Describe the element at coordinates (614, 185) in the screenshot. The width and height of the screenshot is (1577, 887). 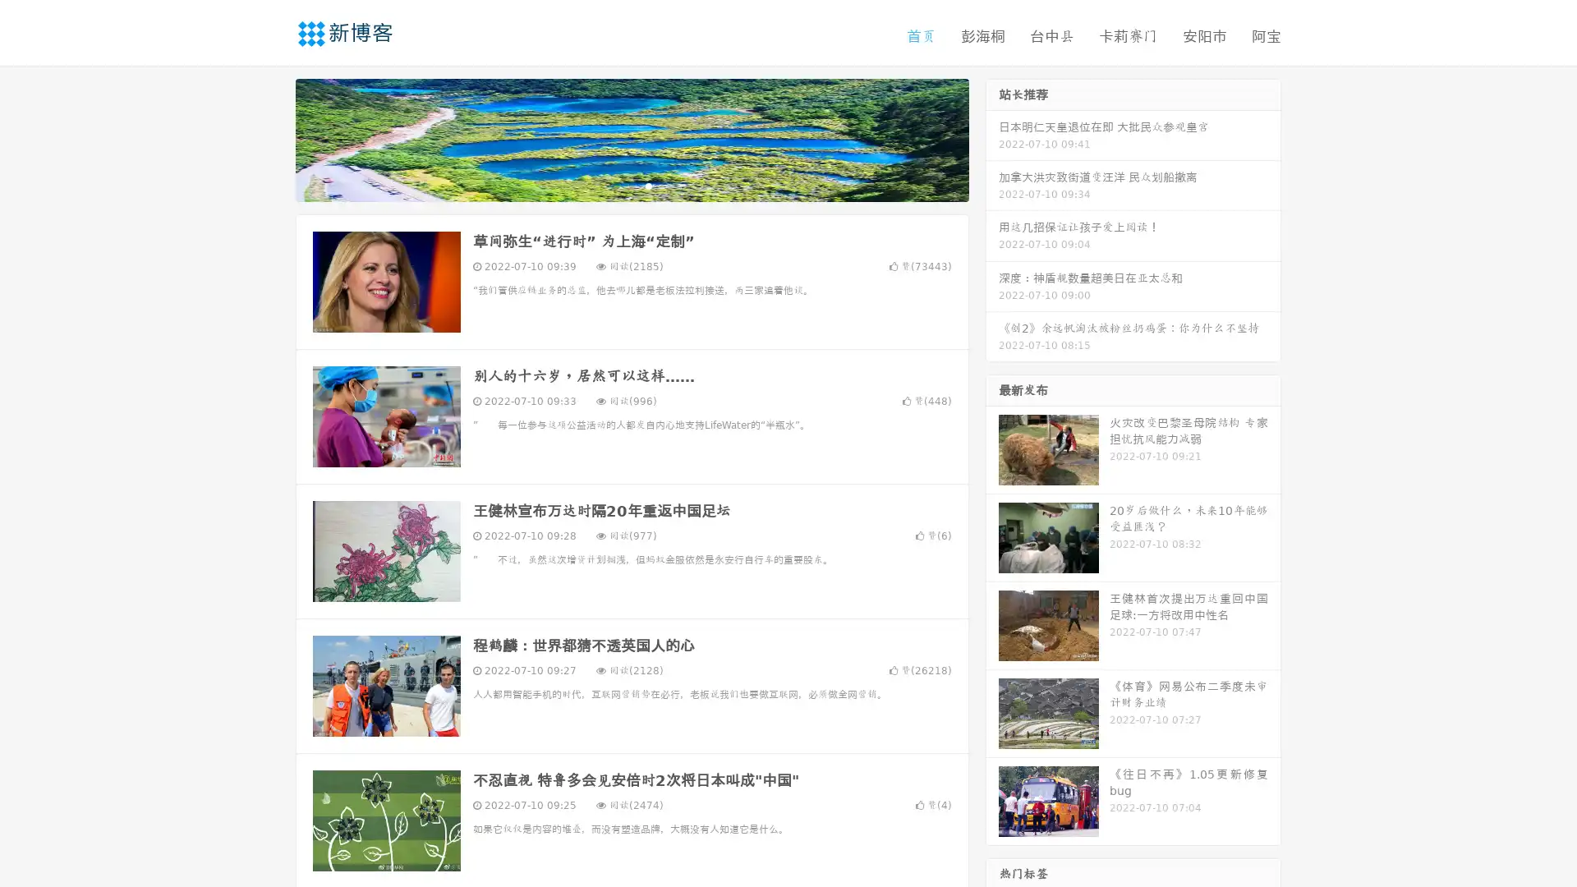
I see `Go to slide 1` at that location.